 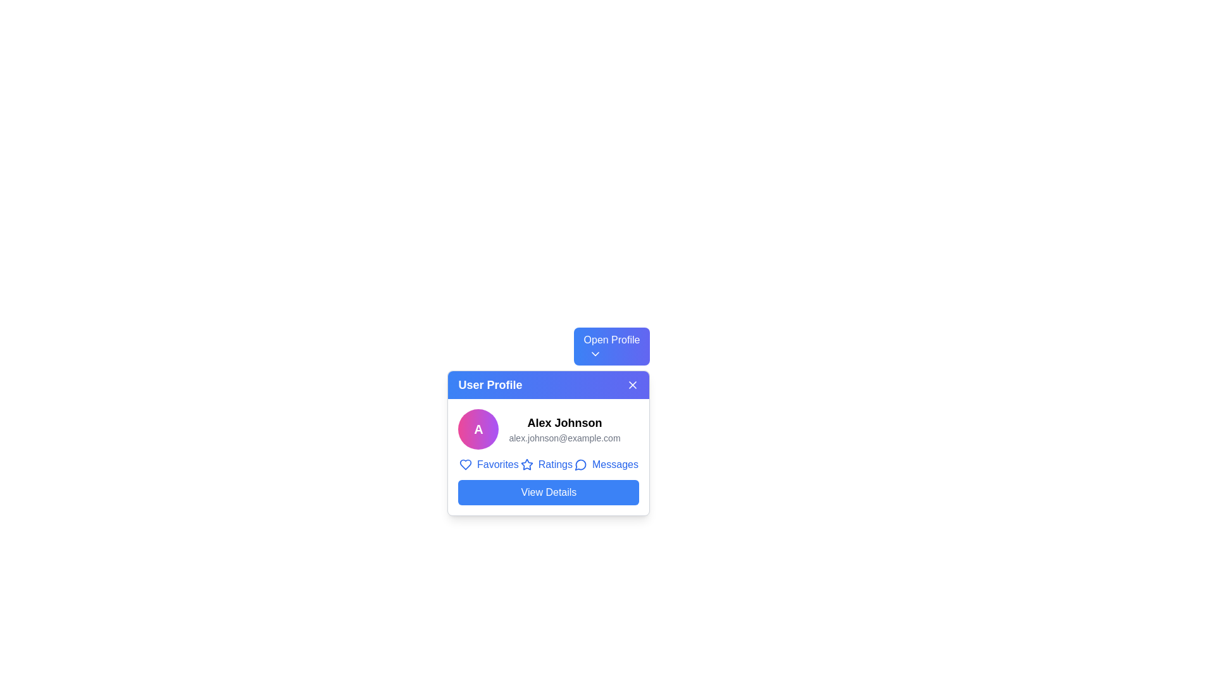 I want to click on the close button located in the top-right corner of the 'User Profile' header, so click(x=632, y=385).